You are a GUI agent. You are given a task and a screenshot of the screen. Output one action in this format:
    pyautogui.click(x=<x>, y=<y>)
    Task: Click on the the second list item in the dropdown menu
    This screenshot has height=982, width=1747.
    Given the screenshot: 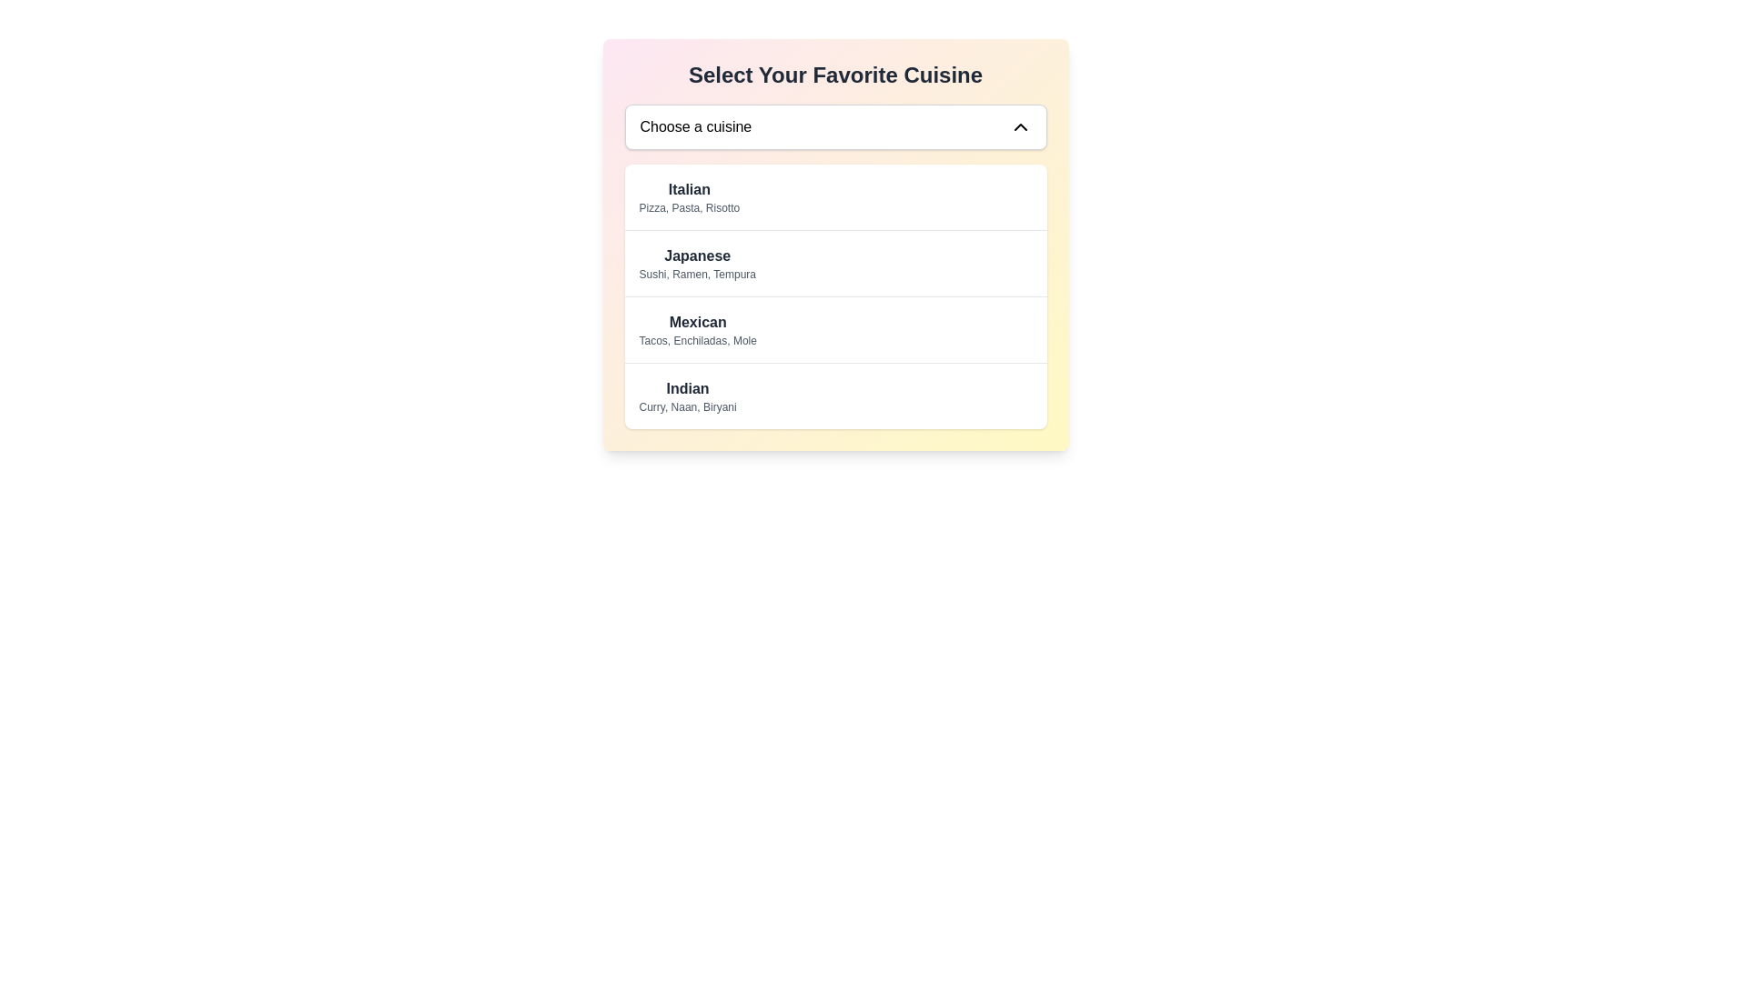 What is the action you would take?
    pyautogui.click(x=834, y=244)
    